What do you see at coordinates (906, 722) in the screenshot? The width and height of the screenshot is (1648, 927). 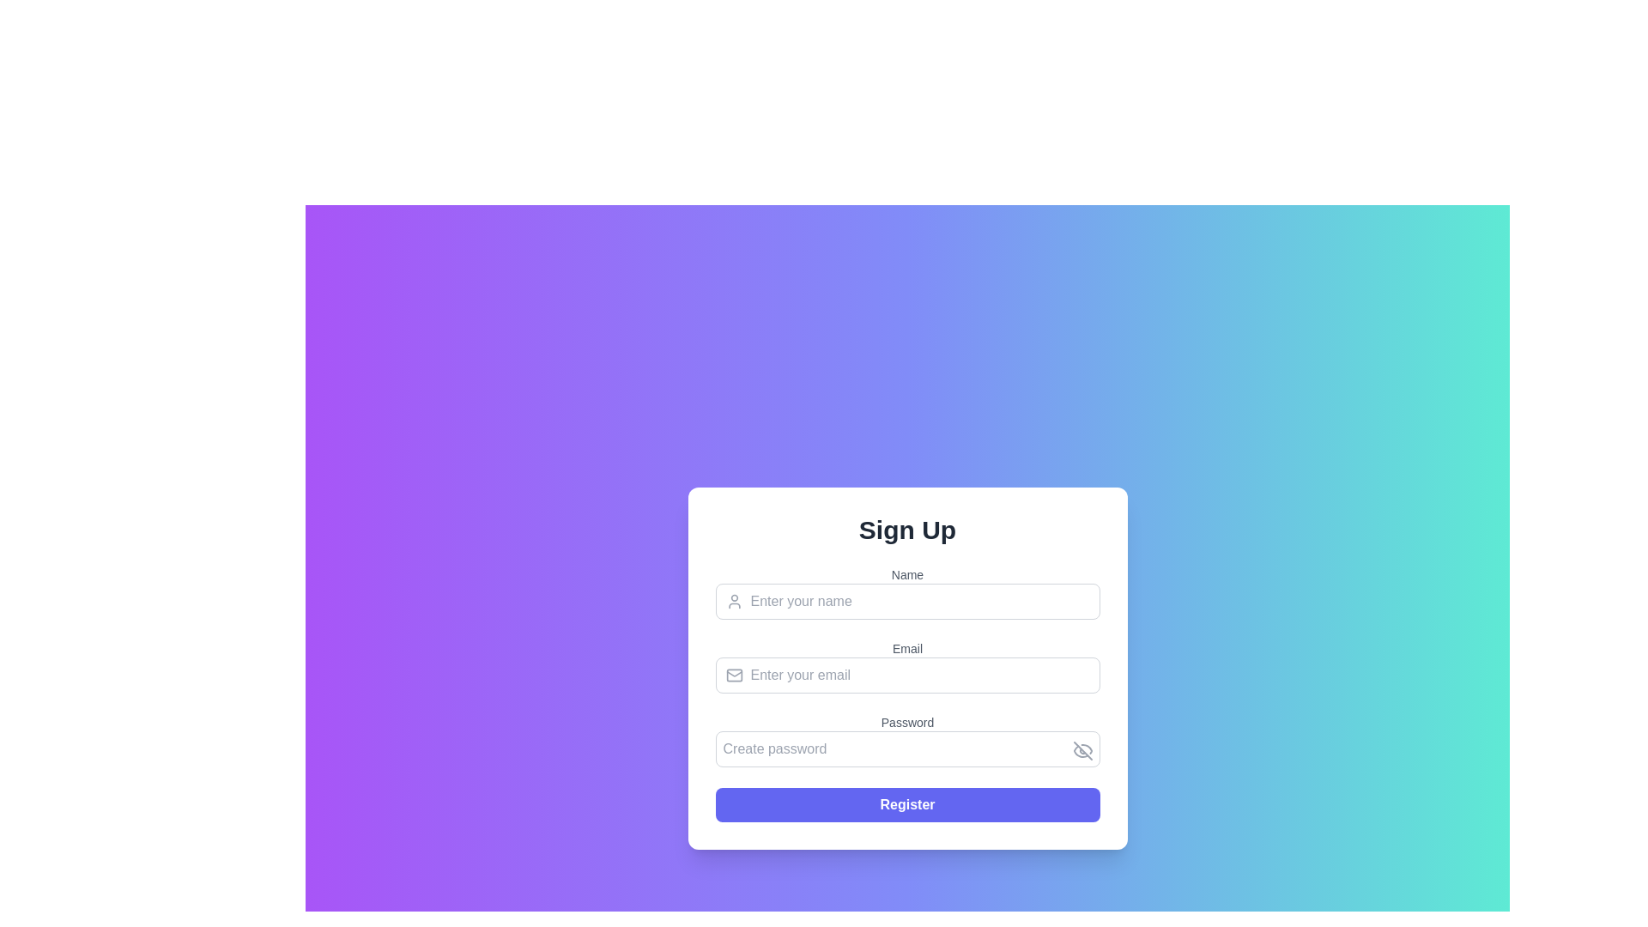 I see `the text of the 'Password' label, which is a gray text label positioned above the password input field in the form` at bounding box center [906, 722].